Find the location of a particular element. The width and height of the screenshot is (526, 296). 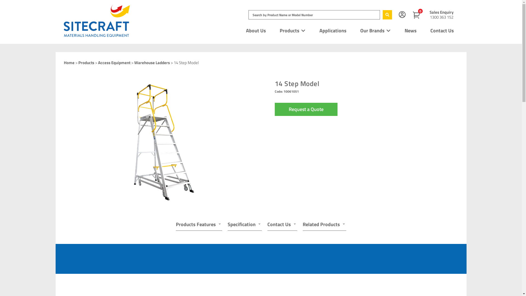

'News' is located at coordinates (410, 30).